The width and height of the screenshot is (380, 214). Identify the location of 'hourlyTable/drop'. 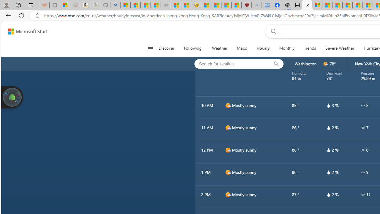
(328, 194).